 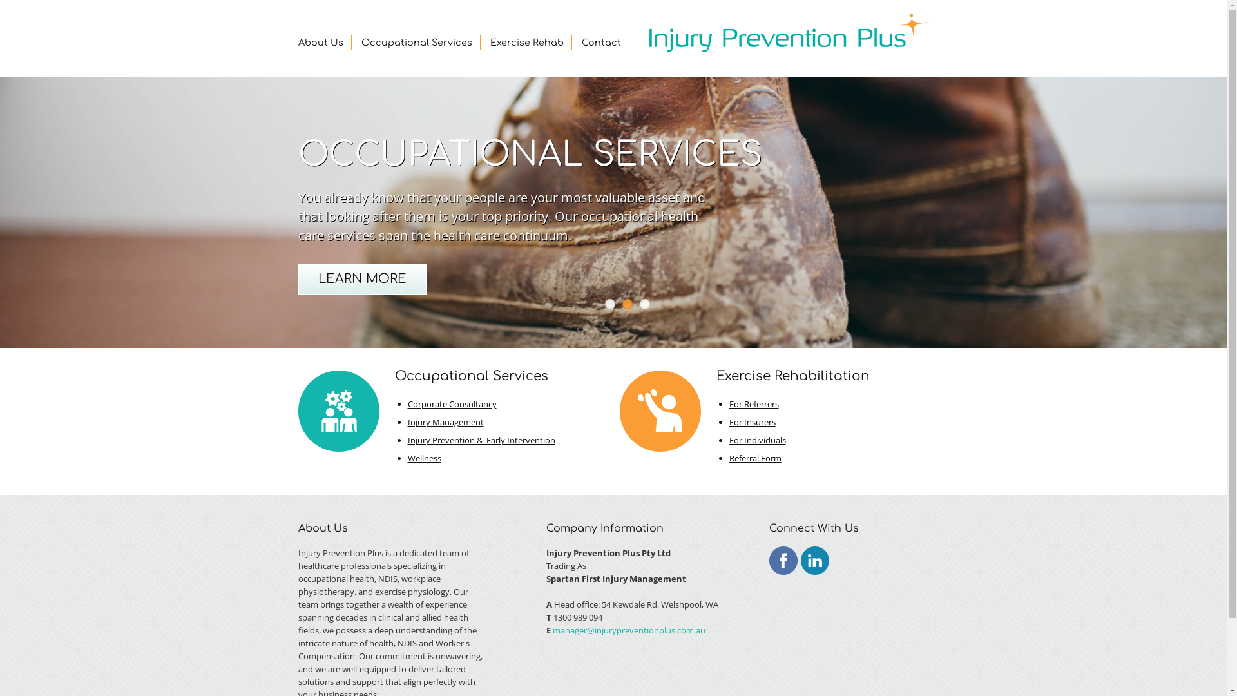 I want to click on 'Wellness', so click(x=423, y=457).